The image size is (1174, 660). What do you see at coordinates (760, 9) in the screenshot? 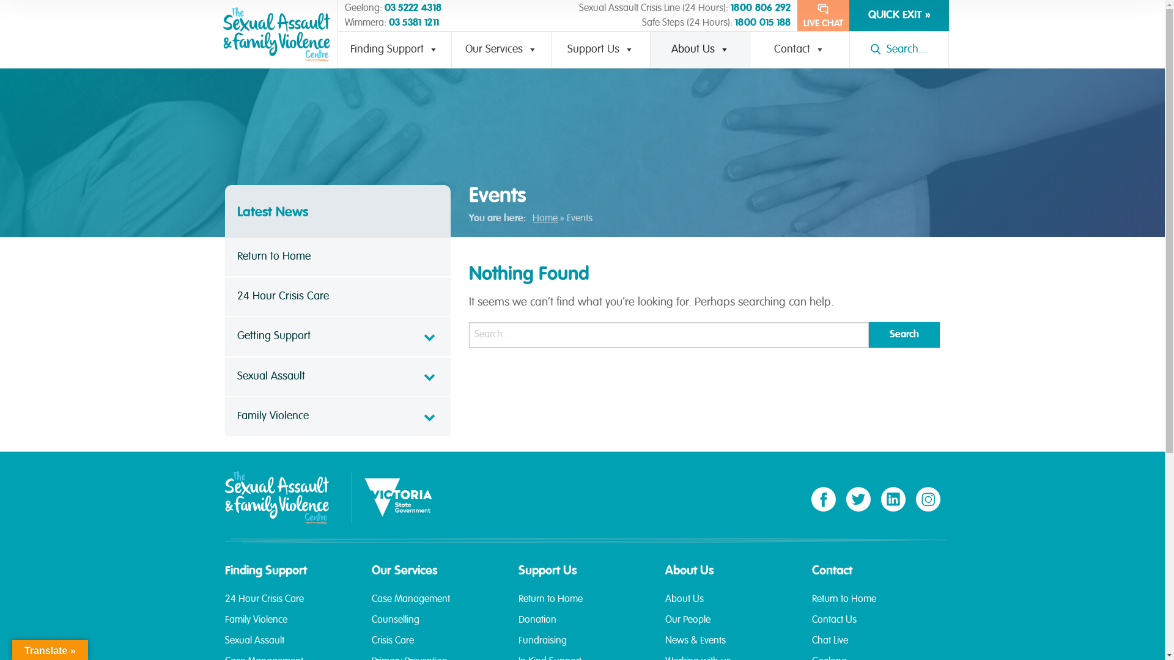
I see `'1800 806 292'` at bounding box center [760, 9].